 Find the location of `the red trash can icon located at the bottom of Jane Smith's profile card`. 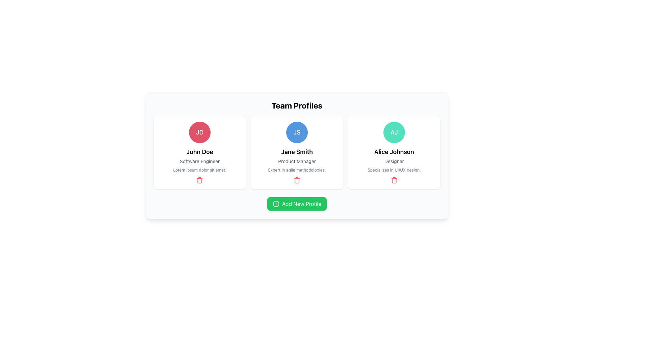

the red trash can icon located at the bottom of Jane Smith's profile card is located at coordinates (297, 180).